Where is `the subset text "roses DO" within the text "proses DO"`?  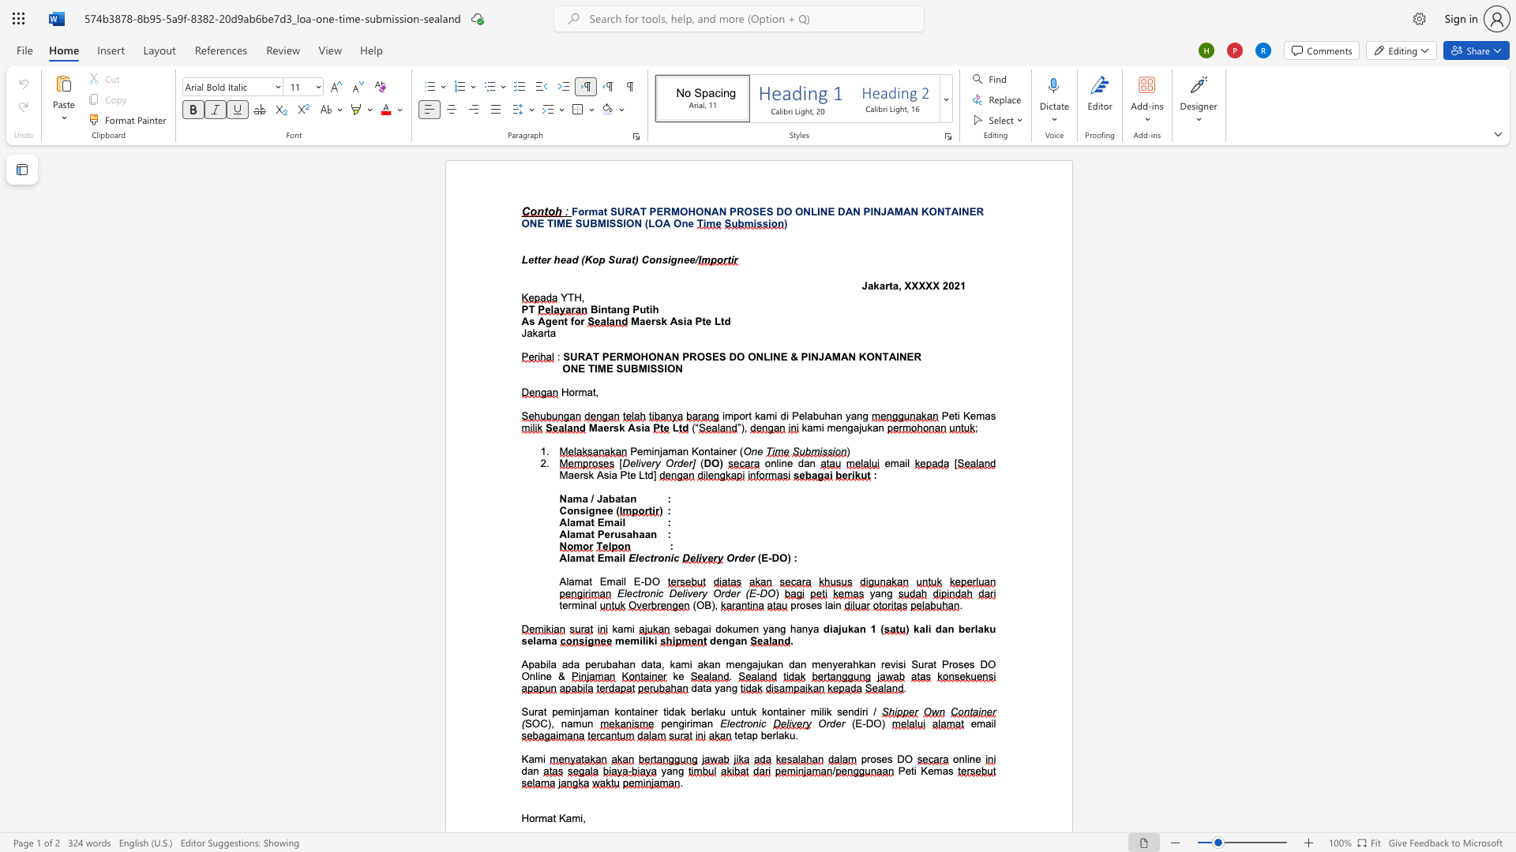 the subset text "roses DO" within the text "proses DO" is located at coordinates (866, 758).